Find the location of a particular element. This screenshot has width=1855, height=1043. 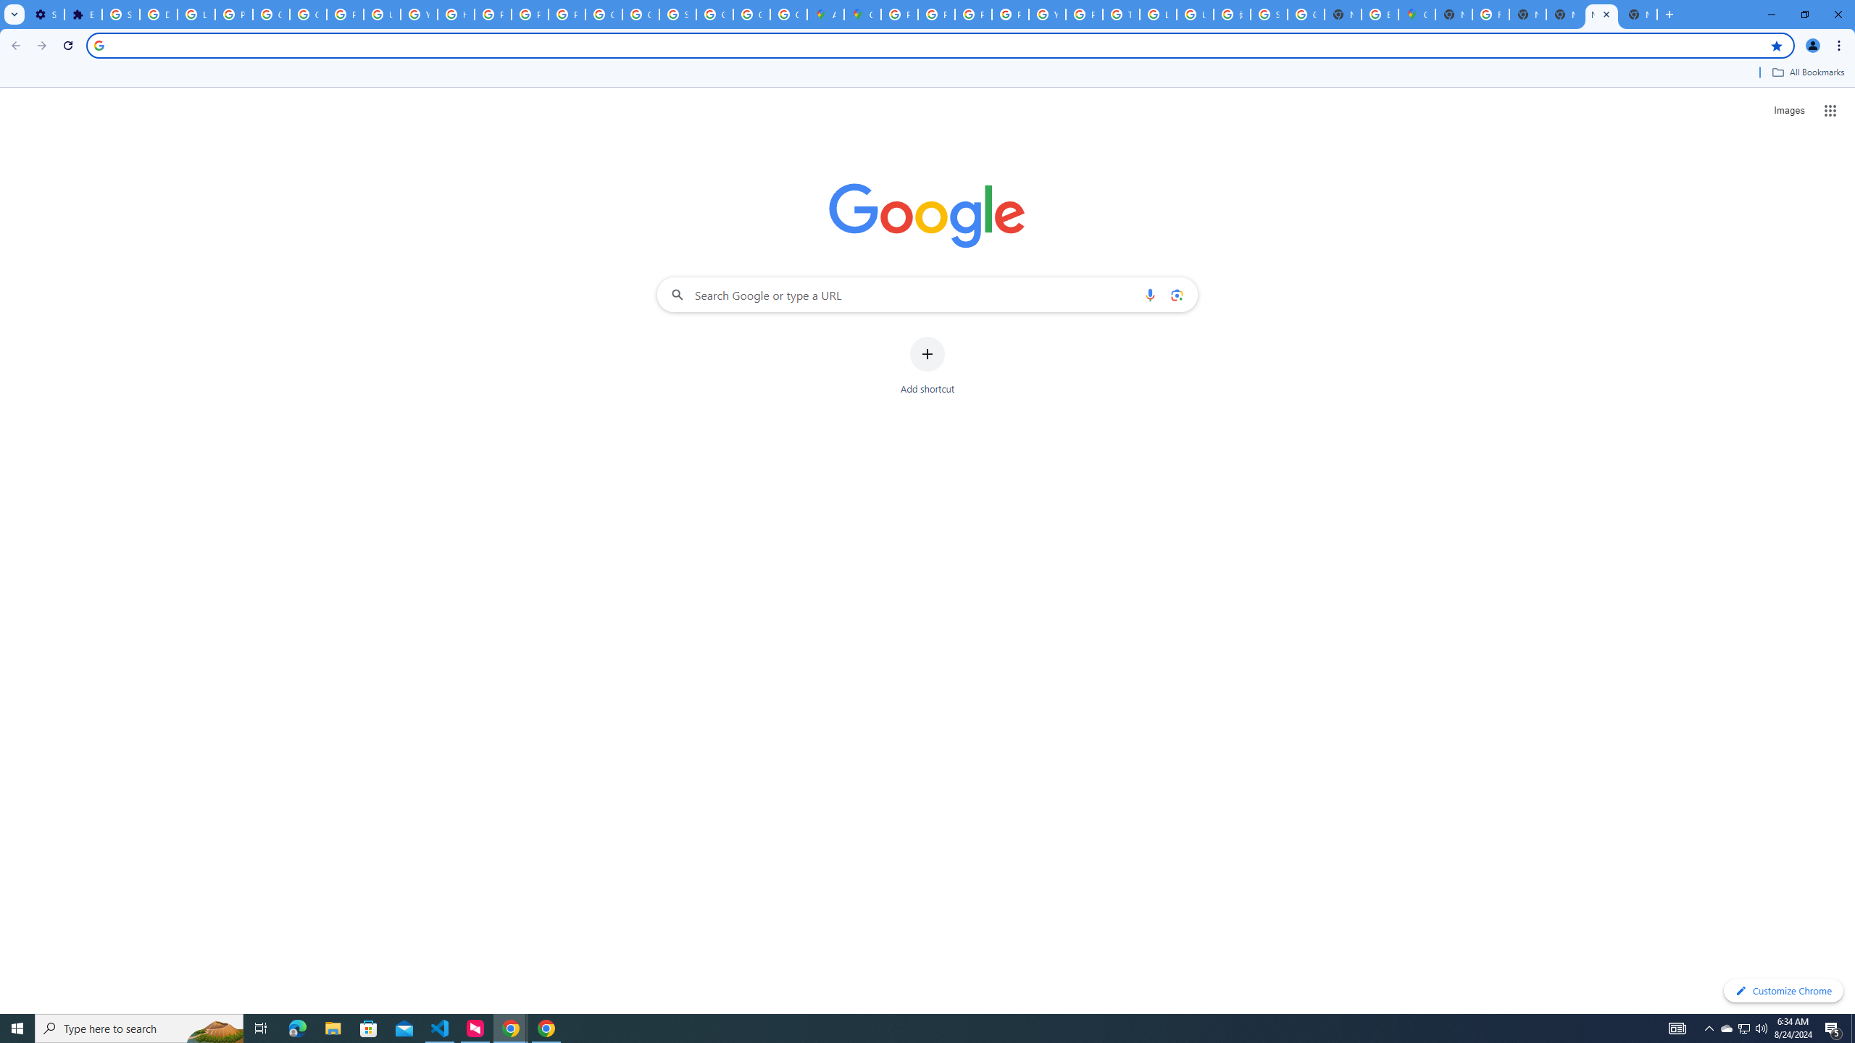

'Explore new street-level details - Google Maps Help' is located at coordinates (1379, 14).